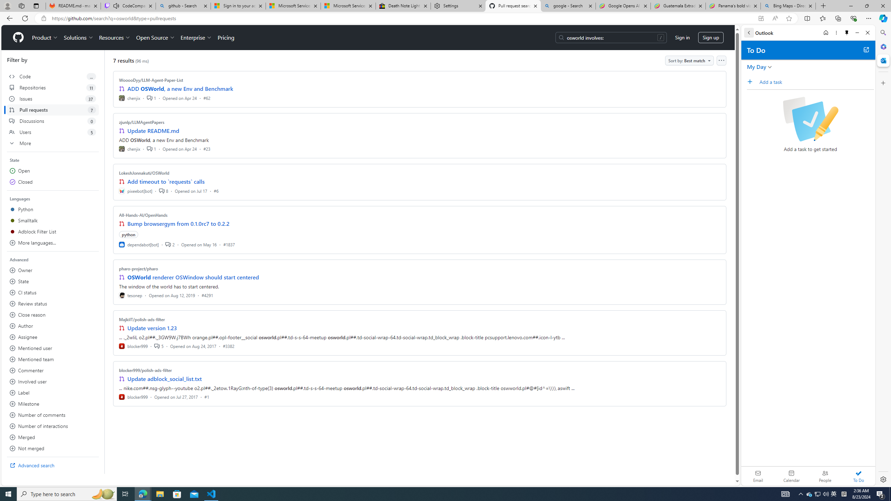 This screenshot has height=501, width=891. Describe the element at coordinates (142, 319) in the screenshot. I see `'MajkiIT/polish-ads-filter'` at that location.